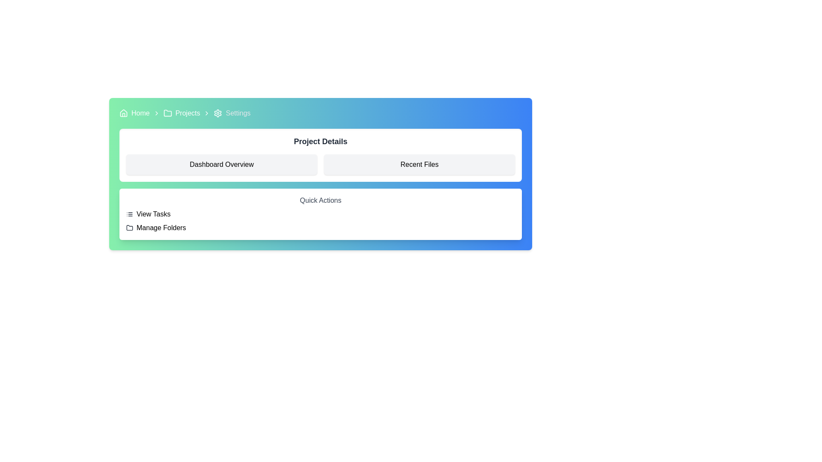  What do you see at coordinates (123, 112) in the screenshot?
I see `the house icon in the top left corner of the interface` at bounding box center [123, 112].